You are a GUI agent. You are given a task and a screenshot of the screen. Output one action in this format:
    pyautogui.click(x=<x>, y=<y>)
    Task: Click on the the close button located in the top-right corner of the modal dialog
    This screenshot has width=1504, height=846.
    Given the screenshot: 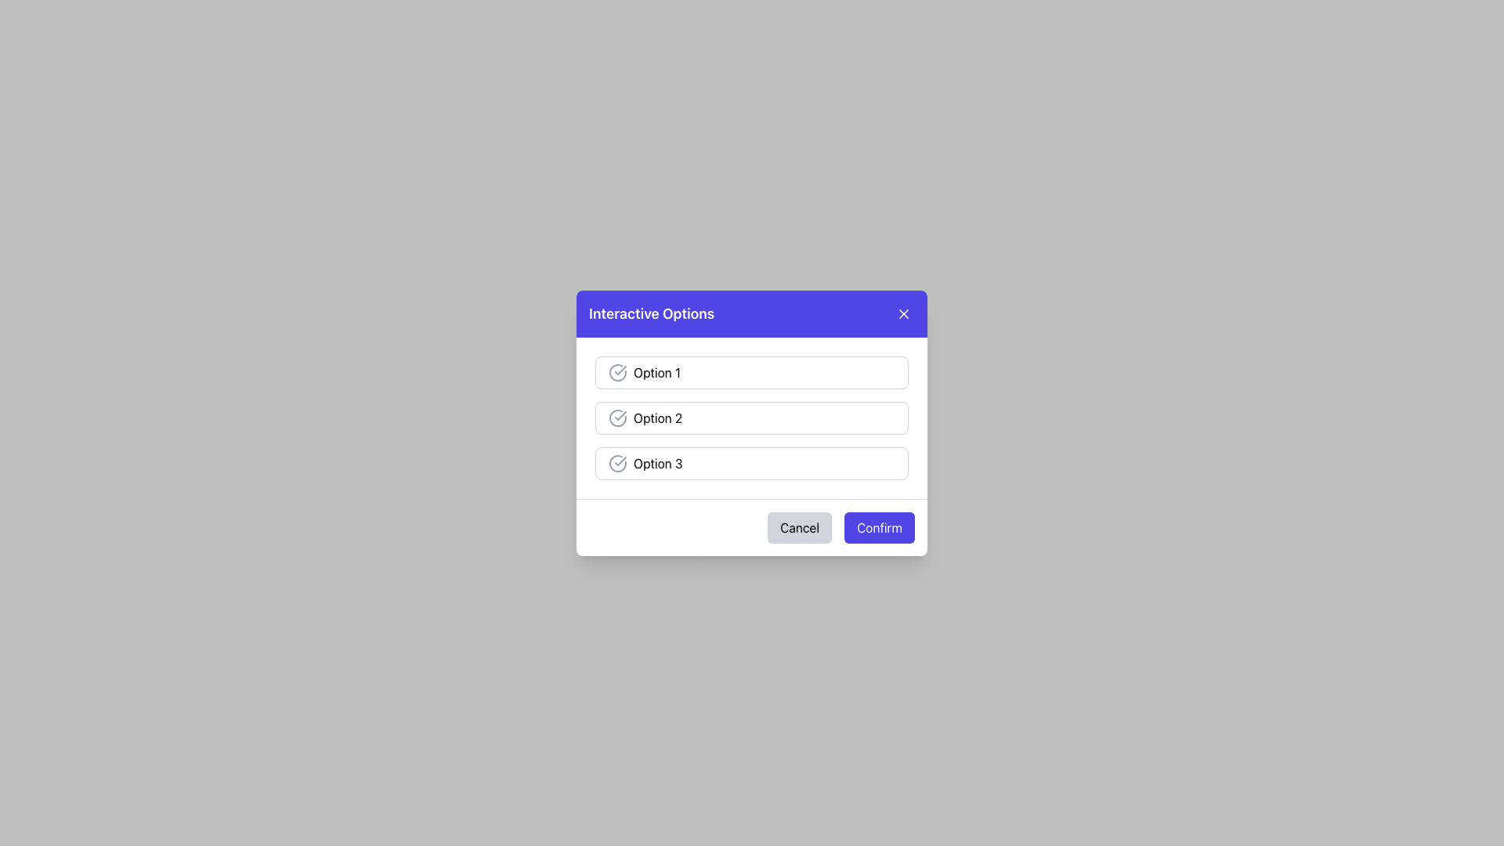 What is the action you would take?
    pyautogui.click(x=903, y=313)
    